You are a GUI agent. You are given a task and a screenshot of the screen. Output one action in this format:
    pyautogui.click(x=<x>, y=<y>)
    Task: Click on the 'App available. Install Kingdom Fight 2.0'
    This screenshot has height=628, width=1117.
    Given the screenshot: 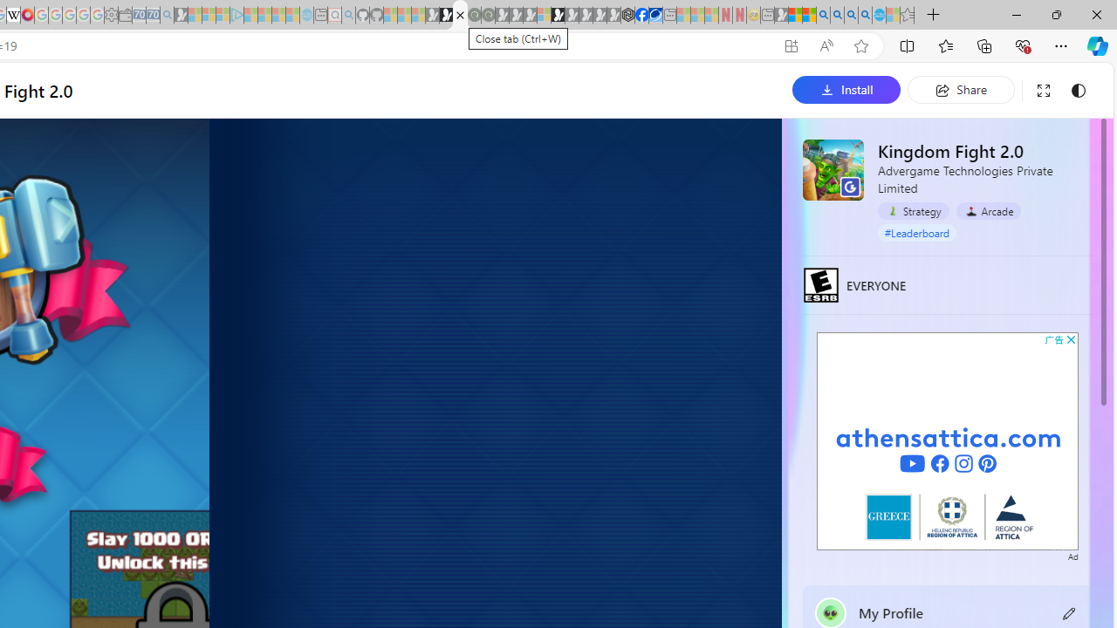 What is the action you would take?
    pyautogui.click(x=790, y=45)
    